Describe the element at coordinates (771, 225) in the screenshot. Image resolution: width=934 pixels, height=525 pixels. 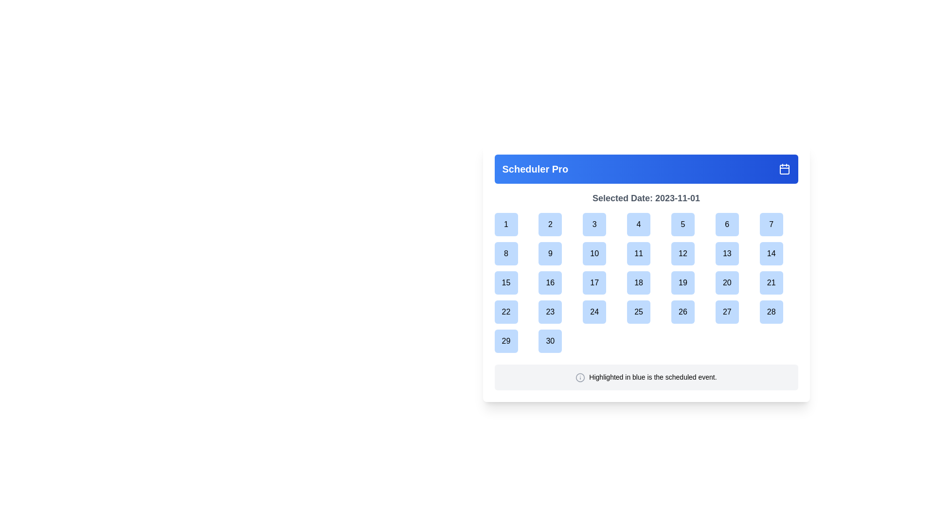
I see `the light blue button with the number '7' in black font located in the seventh column of the first row in a calendar grid interface` at that location.